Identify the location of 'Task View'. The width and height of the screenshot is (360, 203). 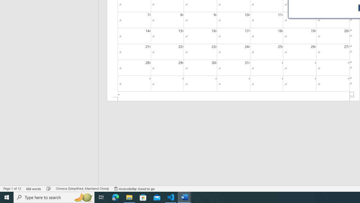
(101, 197).